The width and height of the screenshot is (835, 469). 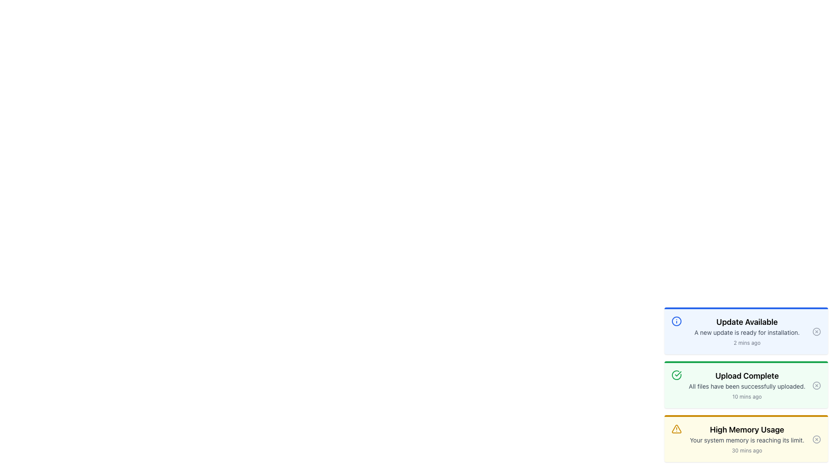 I want to click on text notification message 'Your system memory is reaching its limit.' displayed in a small gray font within the yellow-bordered warning box about high memory usage, so click(x=746, y=440).